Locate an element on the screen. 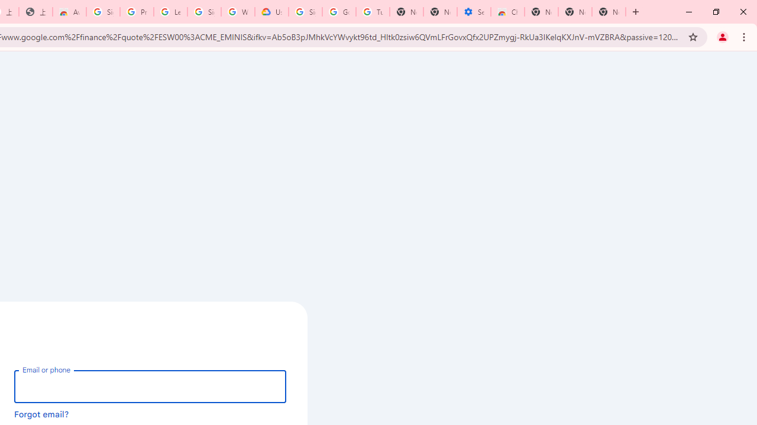  'Sign in - Google Accounts' is located at coordinates (103, 12).